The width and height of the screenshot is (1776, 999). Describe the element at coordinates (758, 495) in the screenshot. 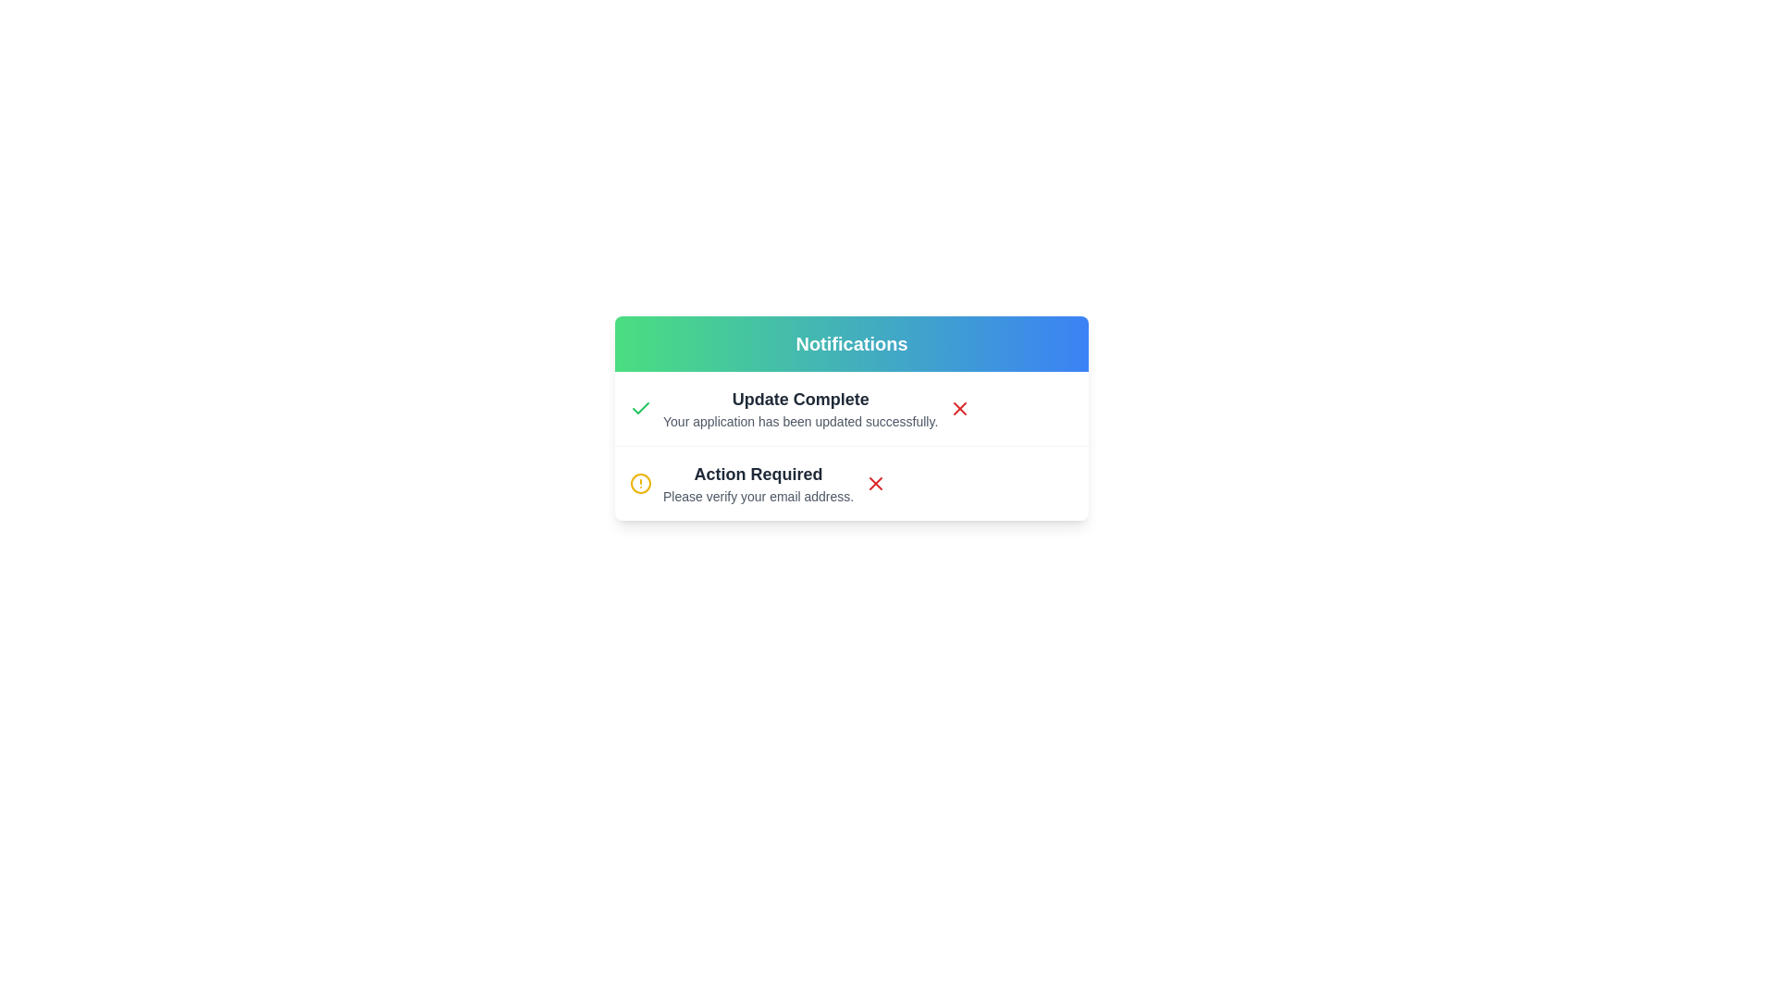

I see `the explanatory text located beneath the 'Action Required' title in the notification card, which guides the user to verify their email address` at that location.